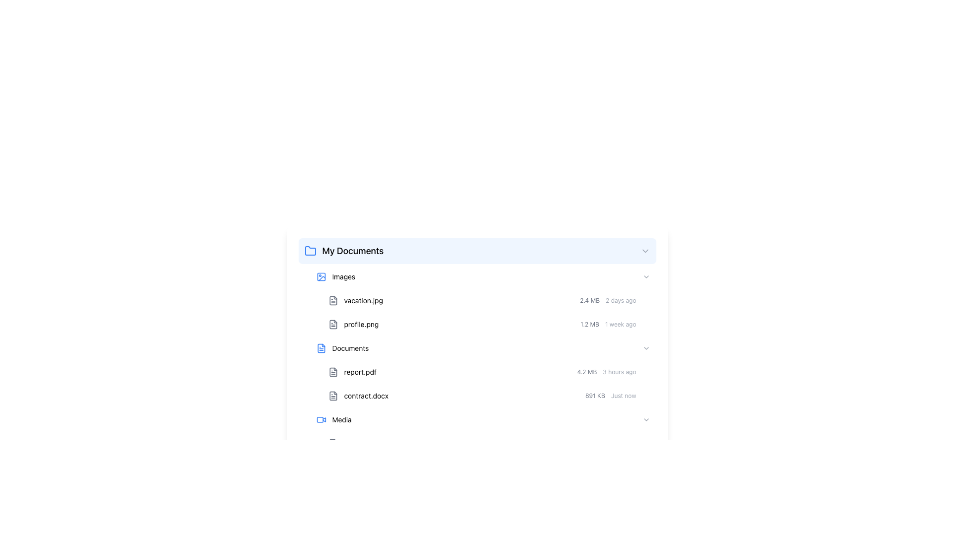  What do you see at coordinates (342, 348) in the screenshot?
I see `the 'Documents' list item, which displays a blue-colored file icon alongside the text 'Documents'` at bounding box center [342, 348].